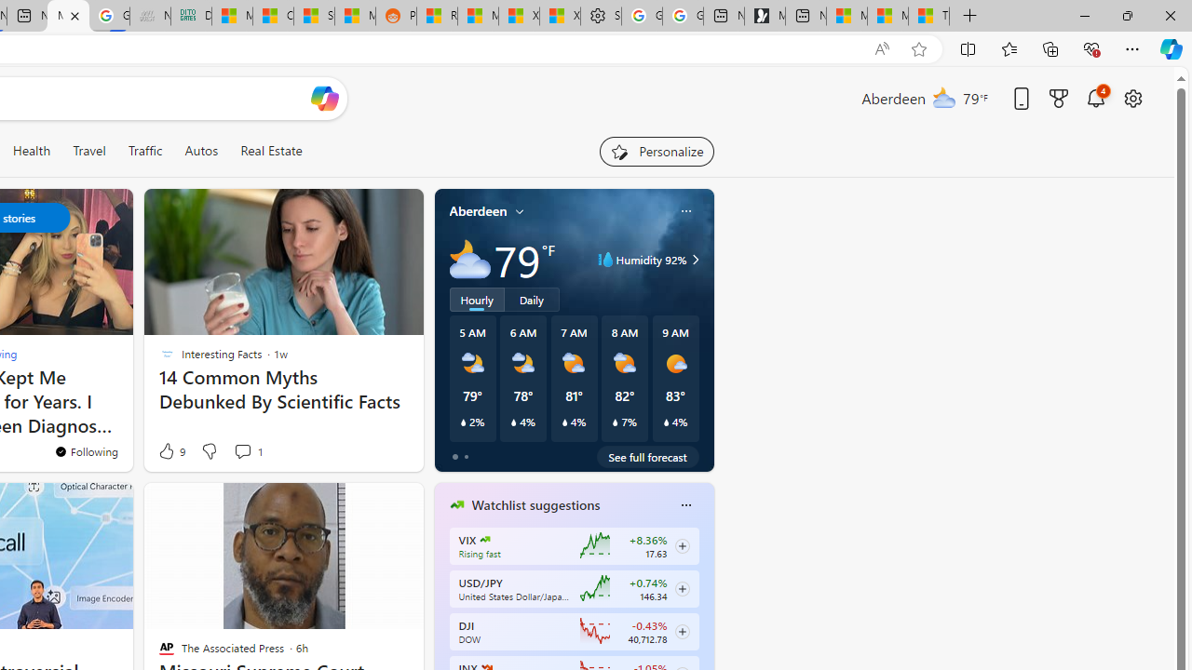 The height and width of the screenshot is (670, 1192). What do you see at coordinates (469, 260) in the screenshot?
I see `'Mostly cloudy'` at bounding box center [469, 260].